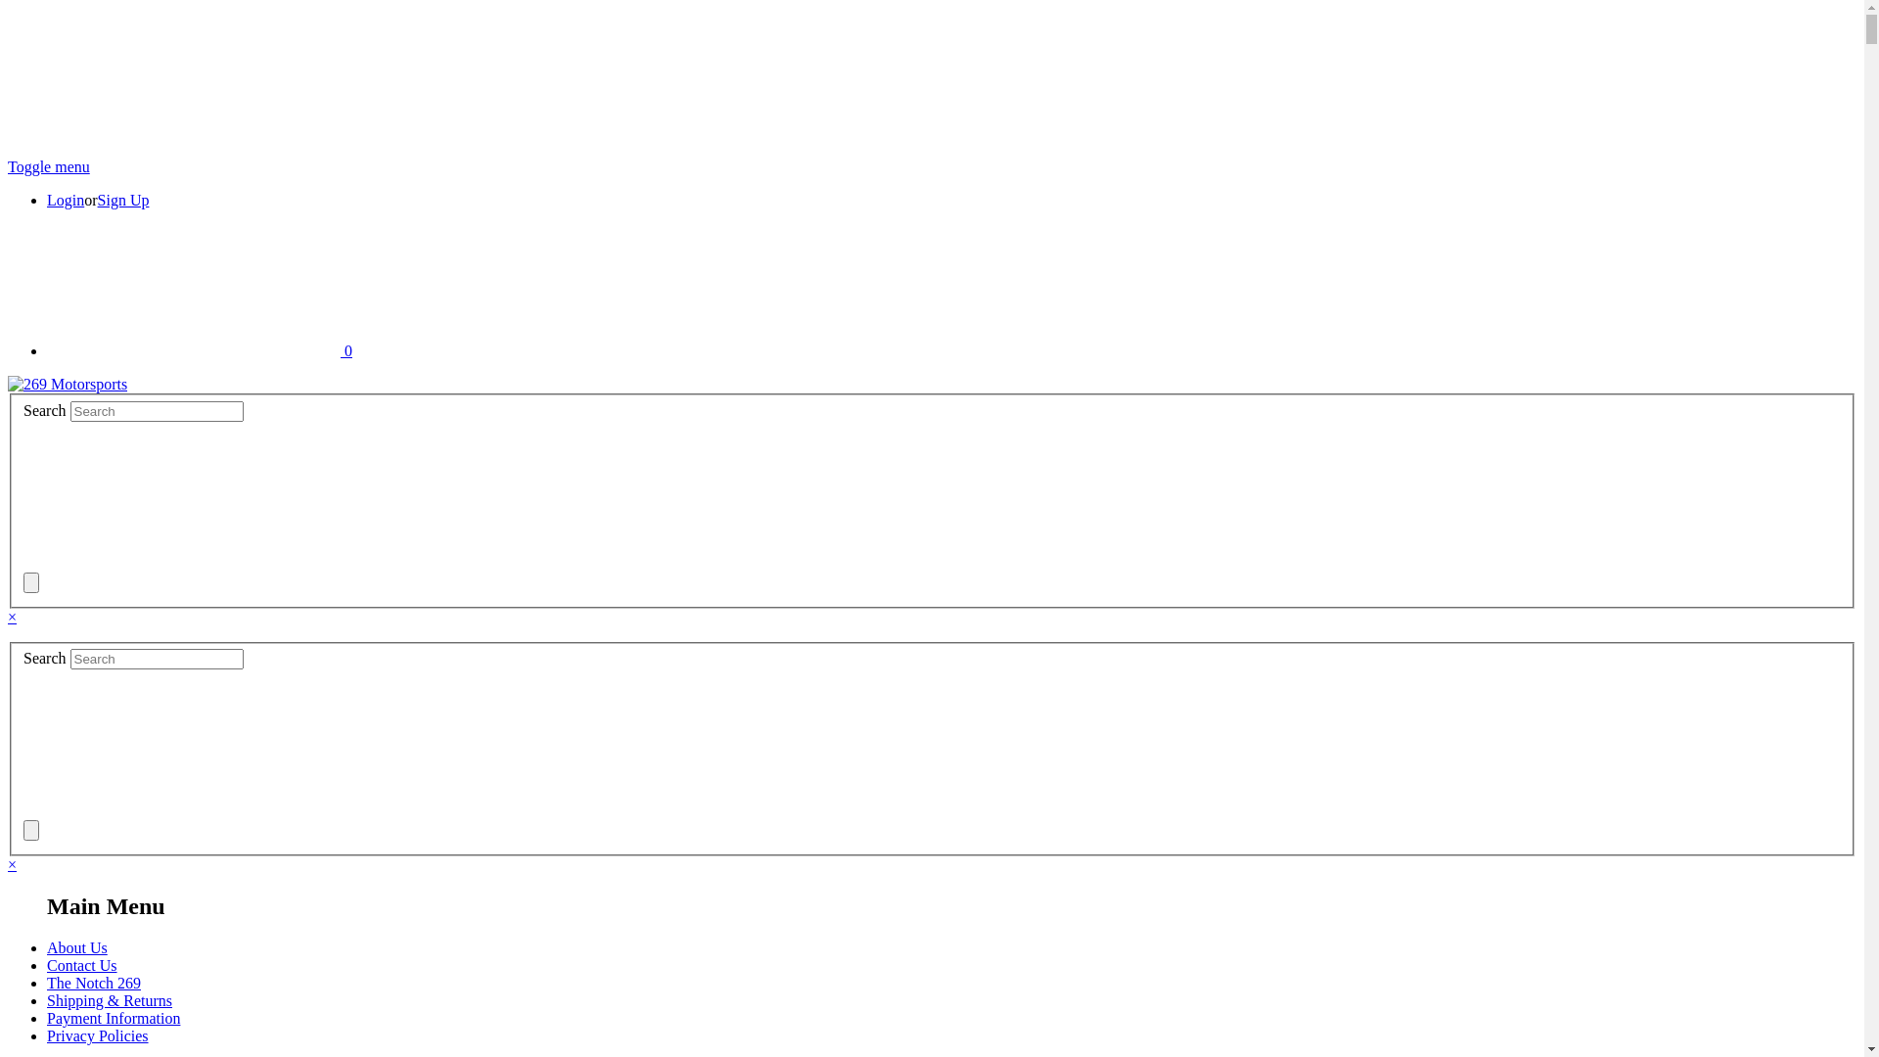 This screenshot has width=1879, height=1057. I want to click on 'Payment Information', so click(112, 1017).